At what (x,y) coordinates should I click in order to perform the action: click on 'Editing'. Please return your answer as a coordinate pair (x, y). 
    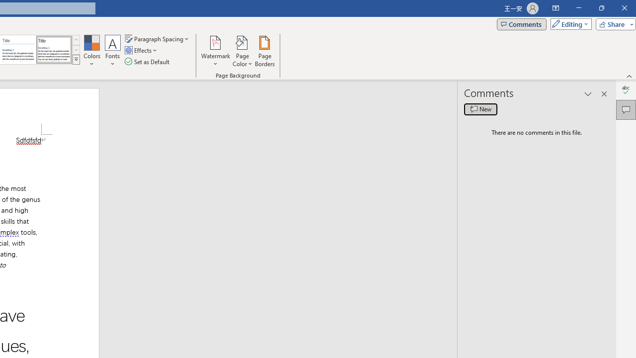
    Looking at the image, I should click on (568, 23).